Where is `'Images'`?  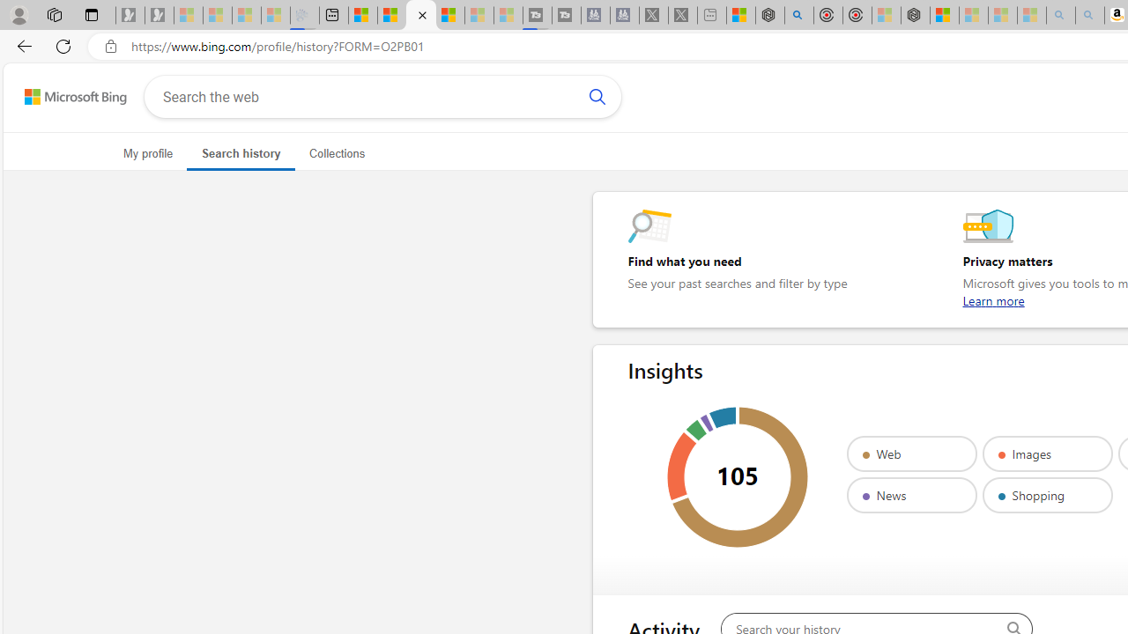
'Images' is located at coordinates (1047, 453).